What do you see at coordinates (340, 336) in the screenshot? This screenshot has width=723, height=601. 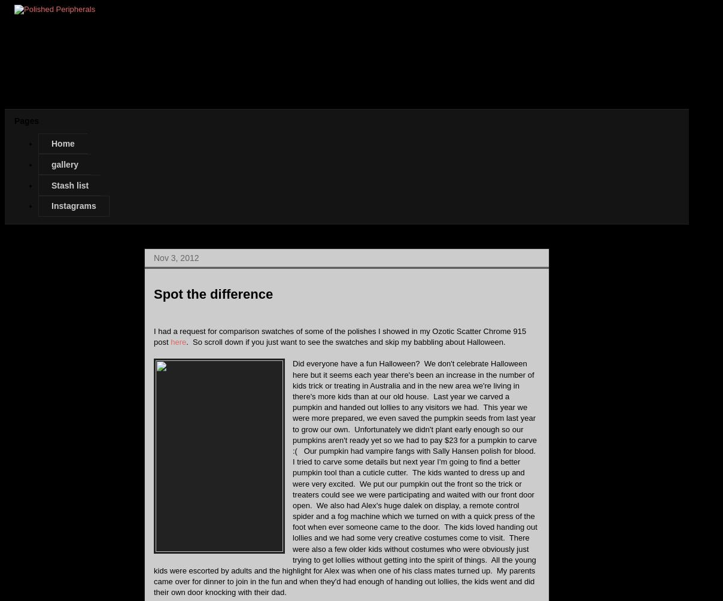 I see `'I had a request for comparison swatches of some of the polishes I showed in my Ozotic Scatter Chrome 915 post'` at bounding box center [340, 336].